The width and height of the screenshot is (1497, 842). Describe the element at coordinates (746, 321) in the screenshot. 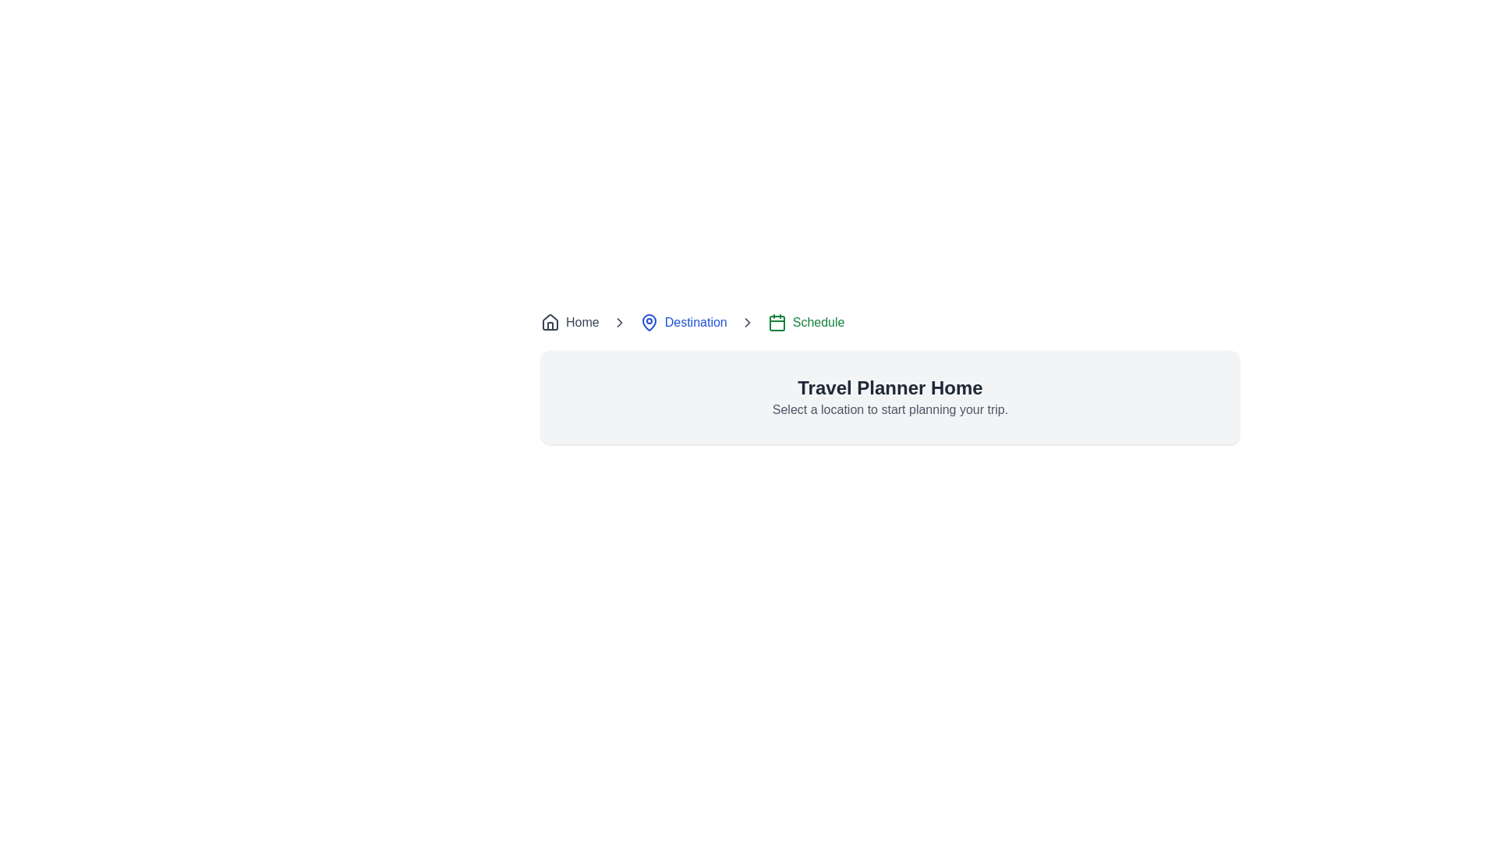

I see `the third chevron icon in the breadcrumb navigation bar located between 'Destination' and 'Schedule'` at that location.